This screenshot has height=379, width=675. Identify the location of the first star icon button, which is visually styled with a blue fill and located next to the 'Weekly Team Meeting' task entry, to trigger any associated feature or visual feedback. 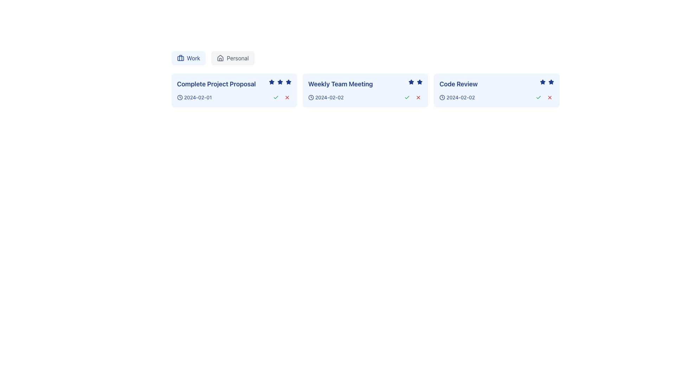
(411, 82).